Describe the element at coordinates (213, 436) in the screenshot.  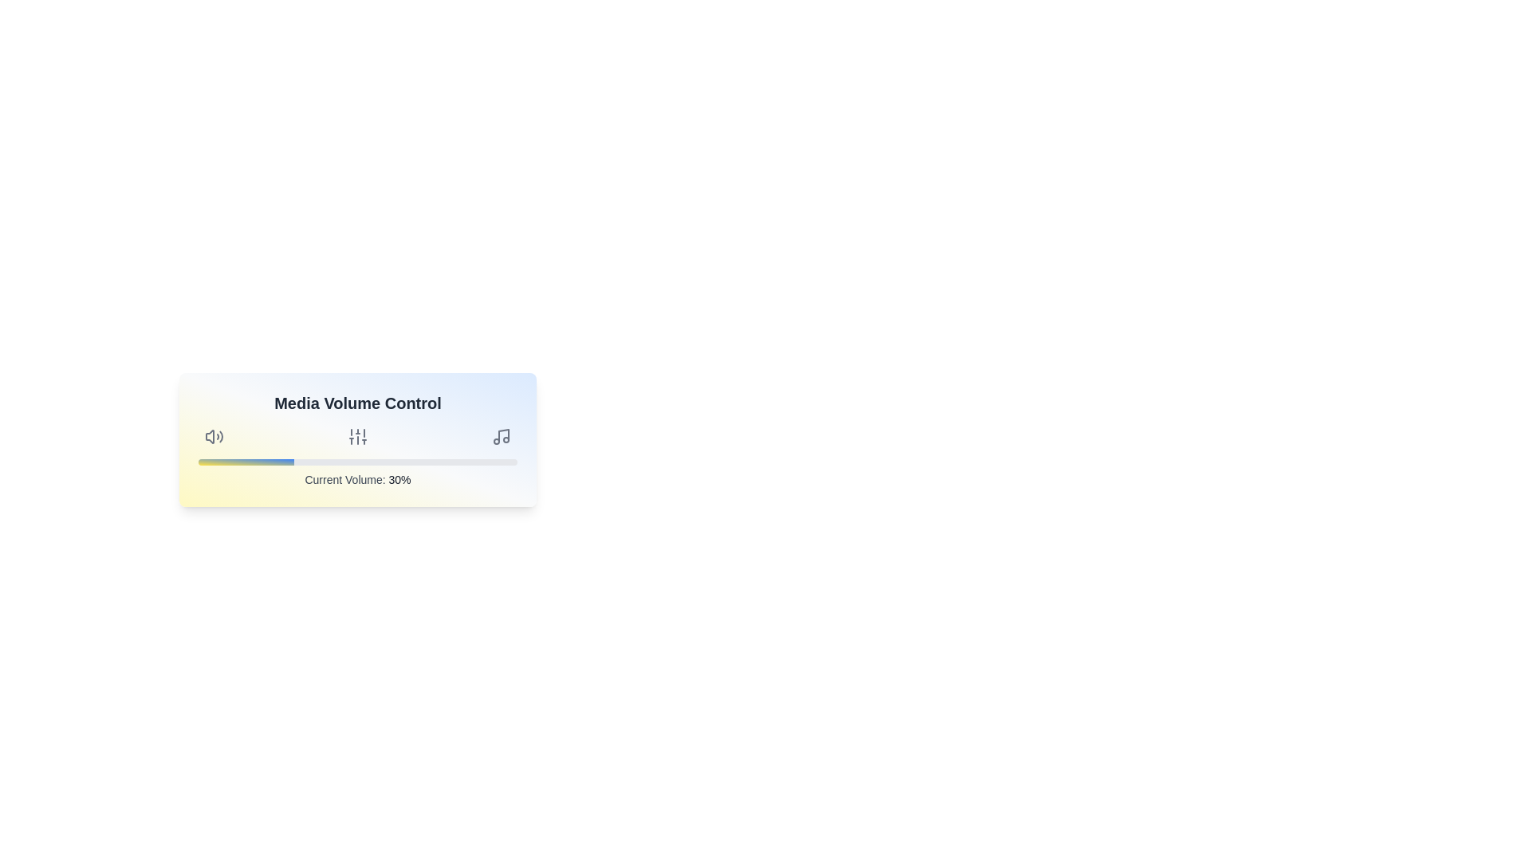
I see `the volume icon represented as a speaker with sound waves, located to the left of the 'Media Volume Control' text` at that location.